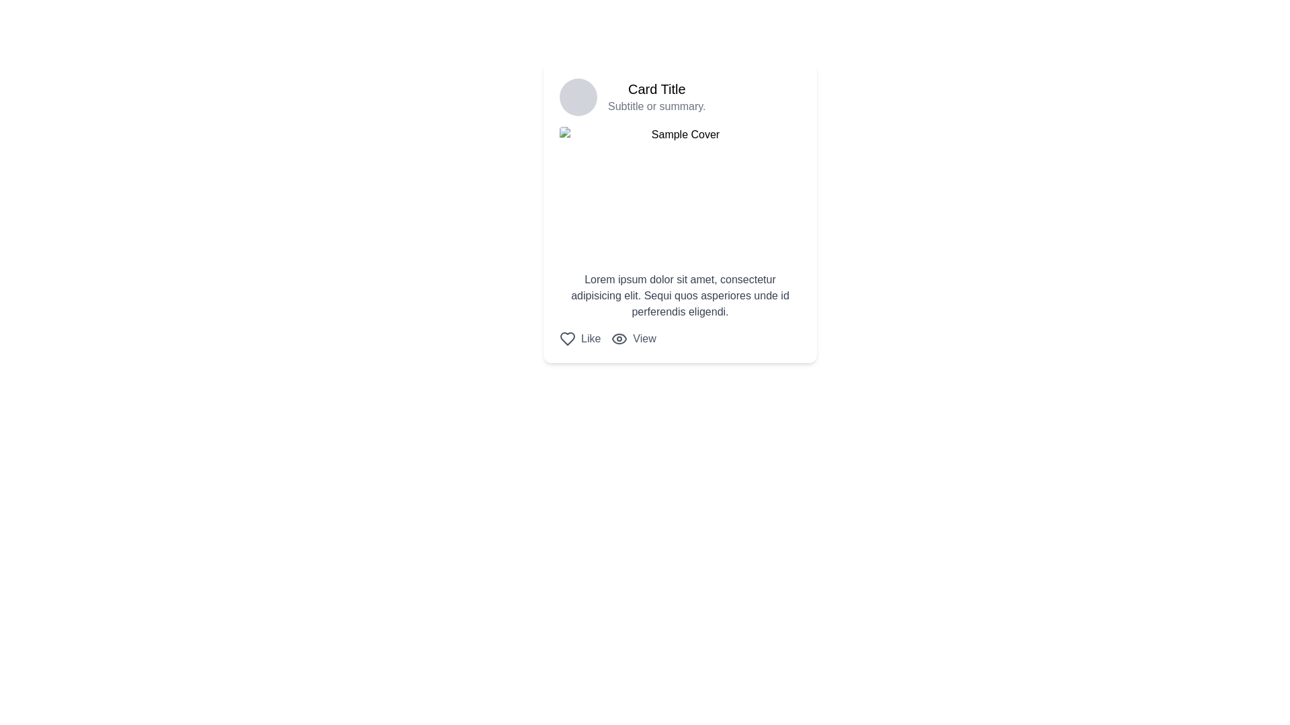 The width and height of the screenshot is (1290, 725). I want to click on the heart-shaped icon located to the left of the 'Like' text, so click(567, 338).